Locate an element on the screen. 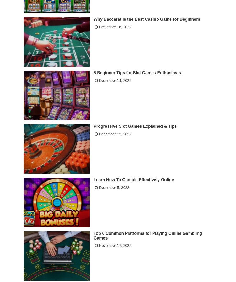  'December 5, 2022' is located at coordinates (114, 187).